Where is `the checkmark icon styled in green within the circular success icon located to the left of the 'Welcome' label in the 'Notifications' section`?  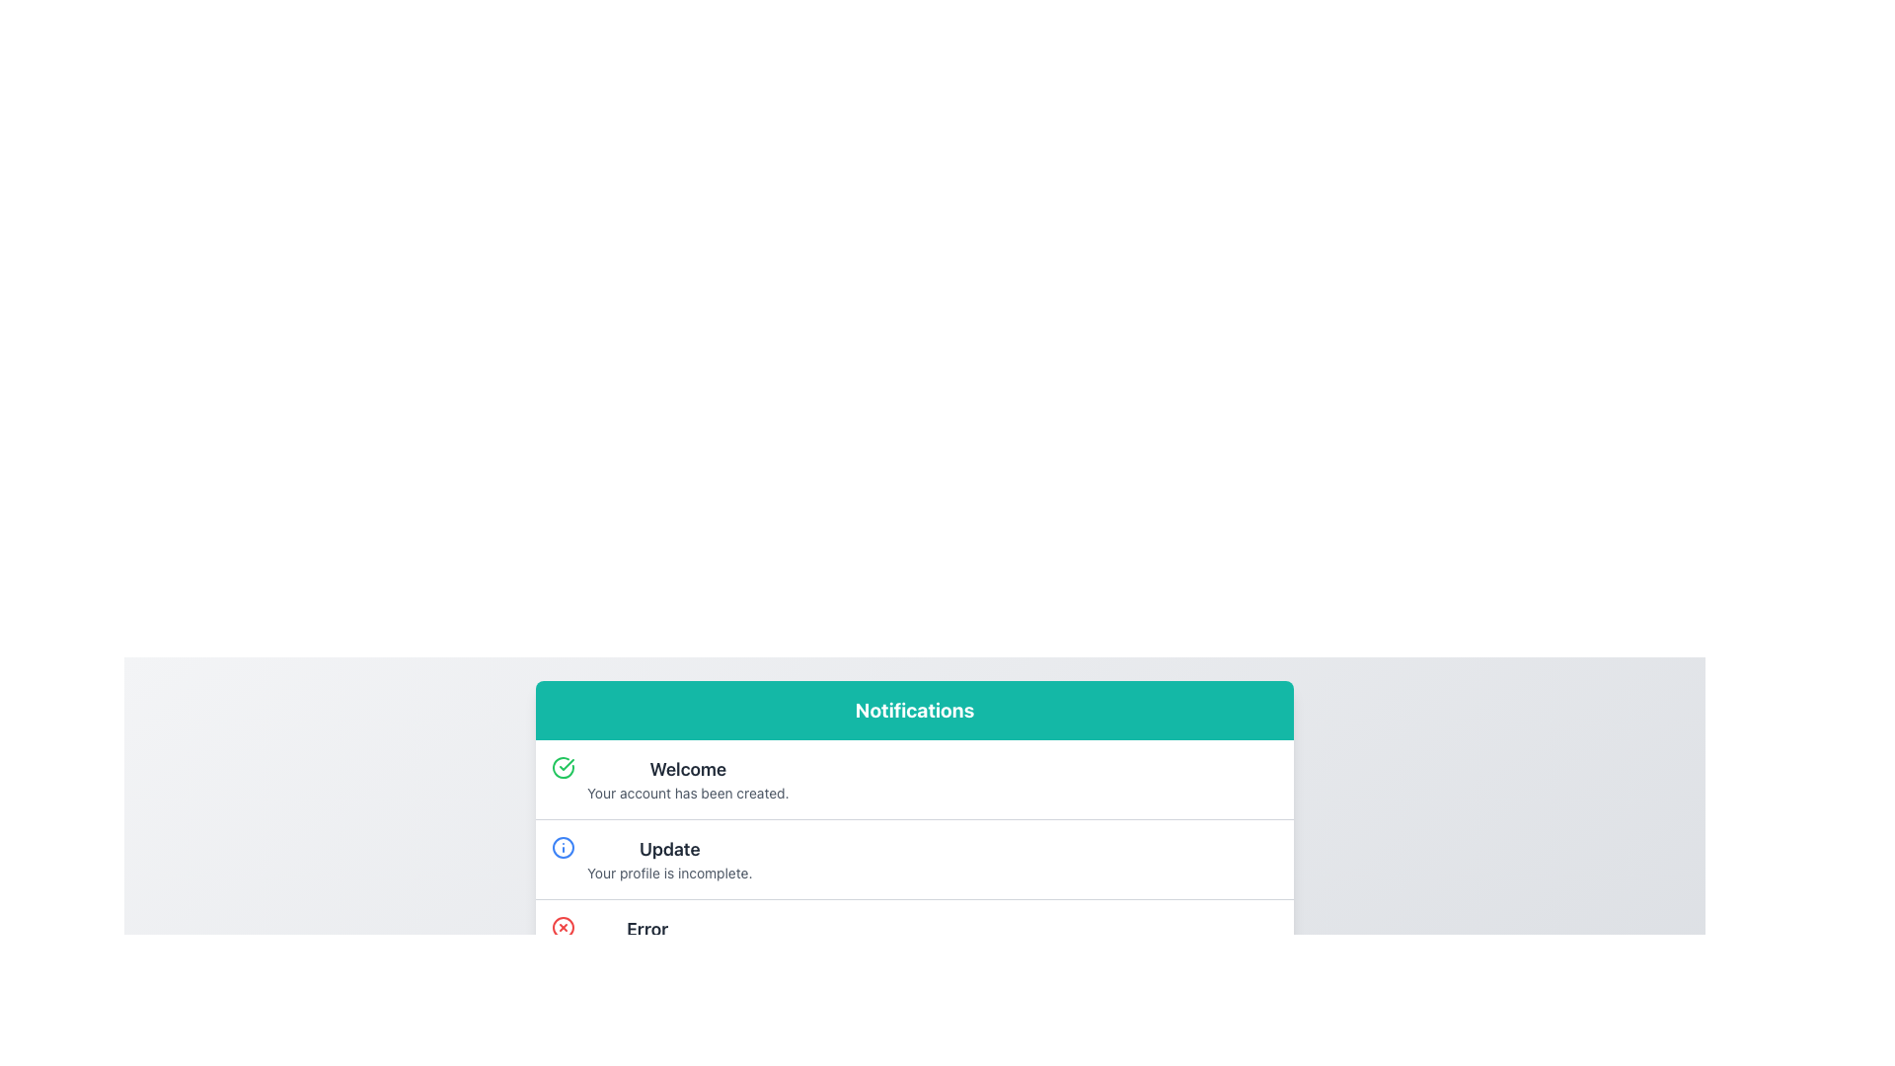 the checkmark icon styled in green within the circular success icon located to the left of the 'Welcome' label in the 'Notifications' section is located at coordinates (566, 764).